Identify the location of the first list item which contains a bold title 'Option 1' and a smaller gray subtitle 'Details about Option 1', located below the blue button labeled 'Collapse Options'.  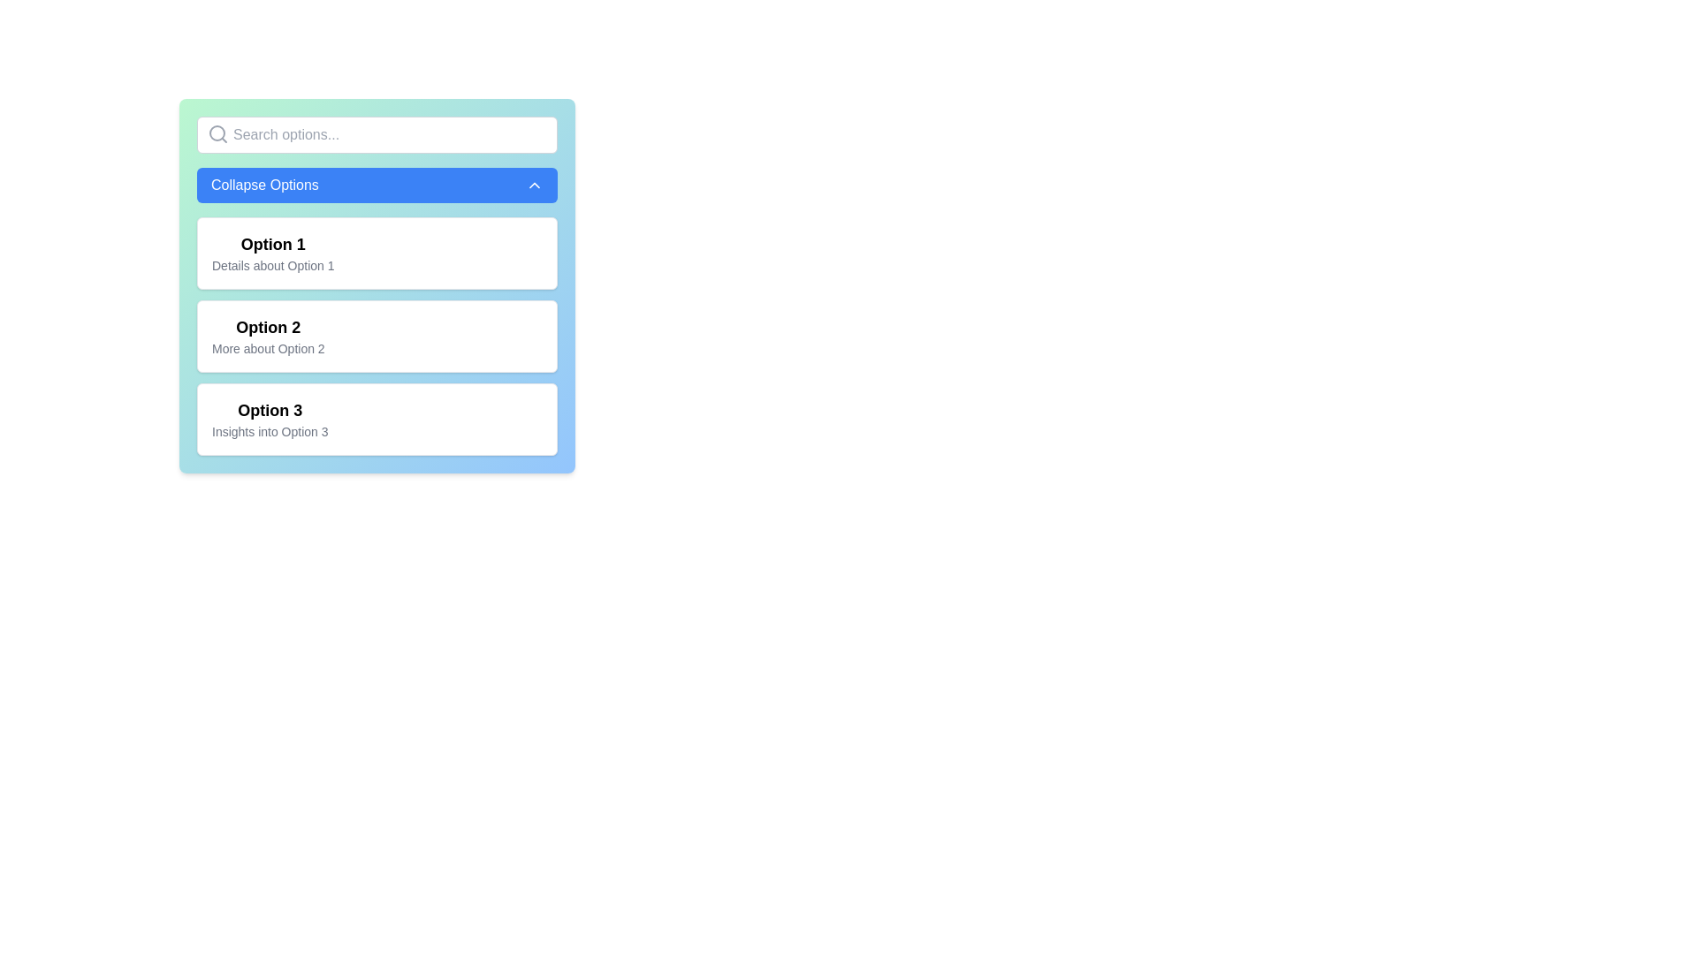
(272, 253).